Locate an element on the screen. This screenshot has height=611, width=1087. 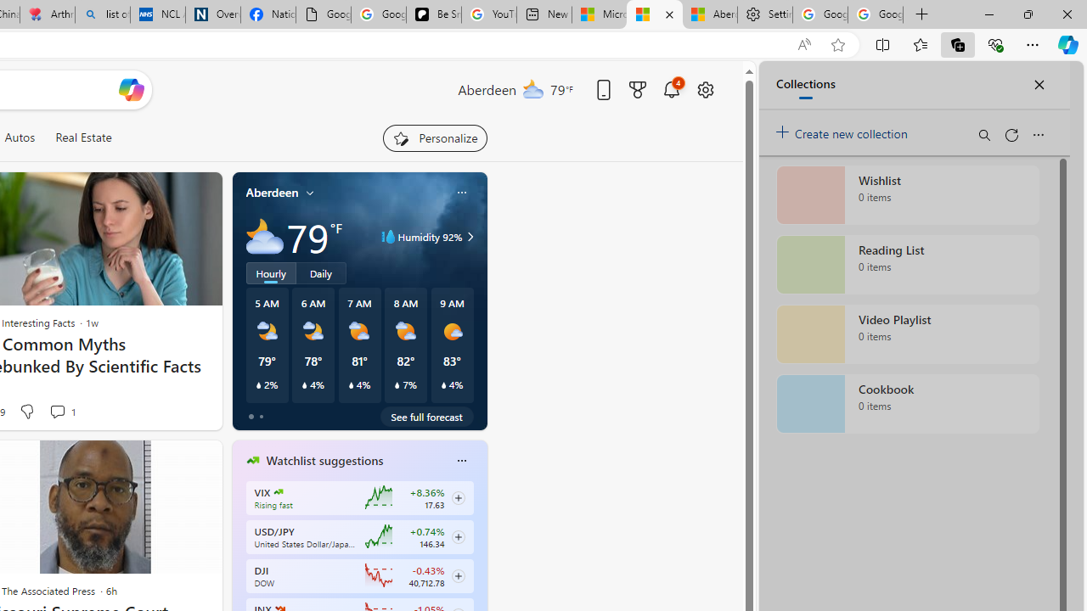
'Class: weather-current-precipitation-glyph' is located at coordinates (443, 384).